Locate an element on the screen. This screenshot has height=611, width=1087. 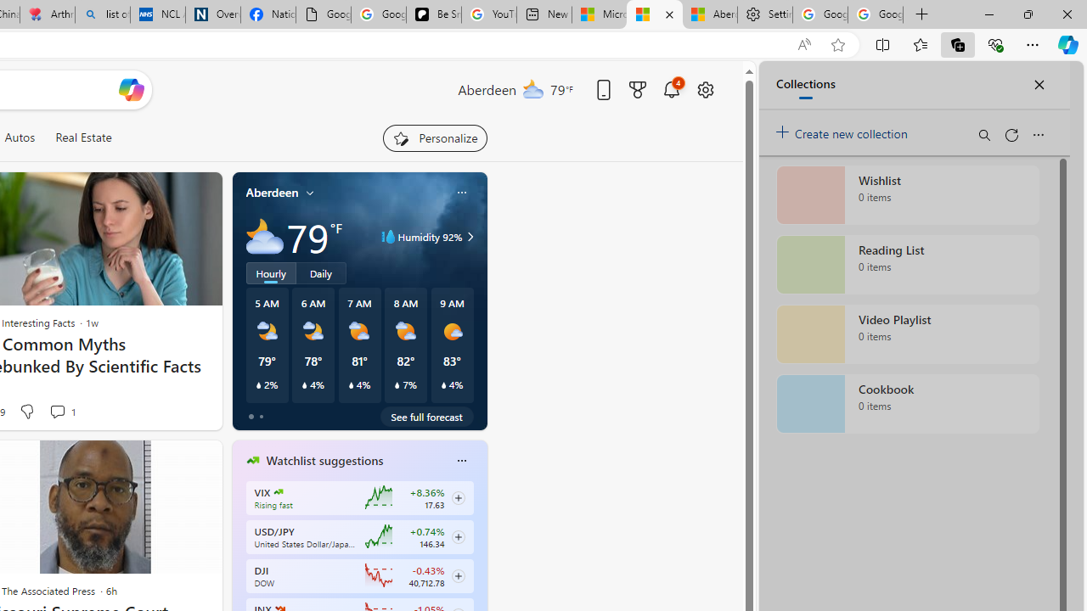
'Class: weather-current-precipitation-glyph' is located at coordinates (443, 384).